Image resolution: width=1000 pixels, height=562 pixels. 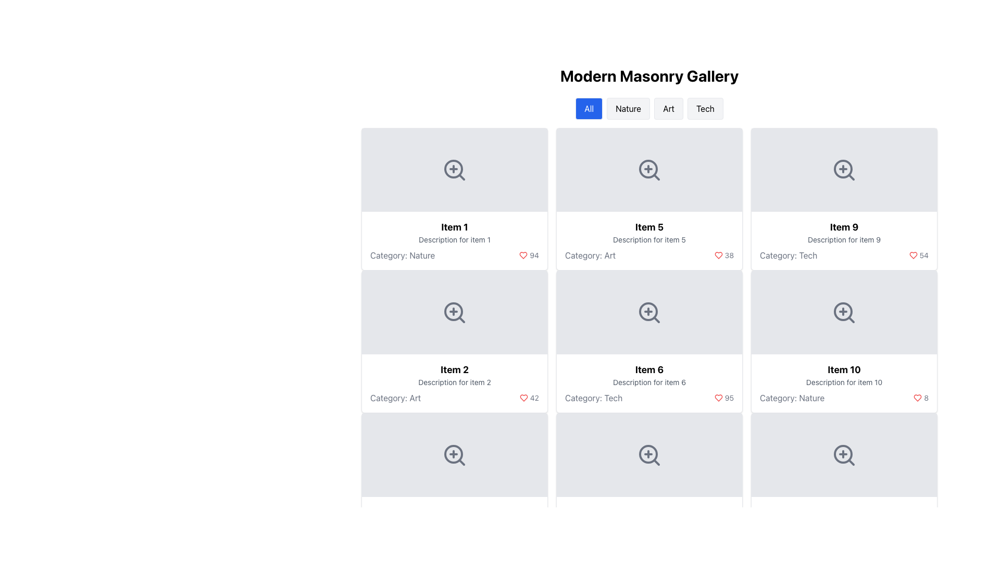 What do you see at coordinates (919, 255) in the screenshot?
I see `the Like counter located in the lower right corner of the card for 'Item 9', which displays the number of likes for that item` at bounding box center [919, 255].